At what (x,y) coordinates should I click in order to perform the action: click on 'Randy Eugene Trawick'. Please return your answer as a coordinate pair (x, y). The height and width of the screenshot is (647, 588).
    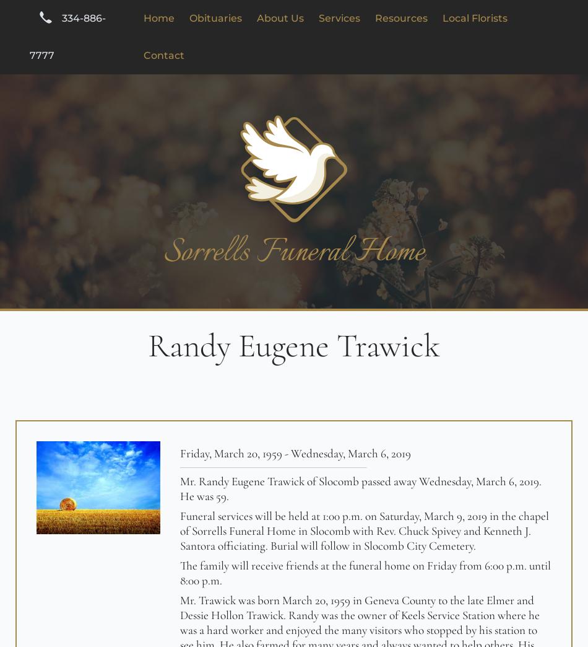
    Looking at the image, I should click on (294, 345).